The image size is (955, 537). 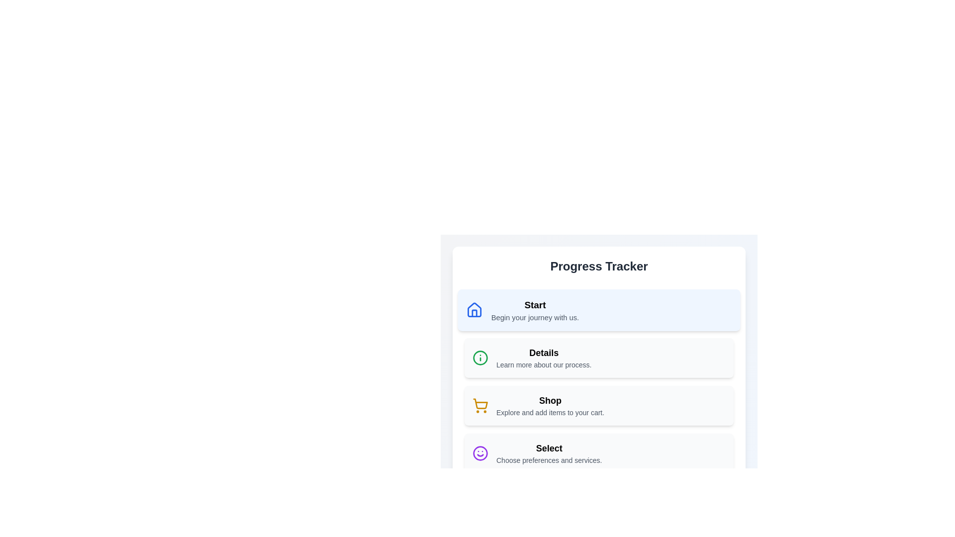 What do you see at coordinates (480, 358) in the screenshot?
I see `the circular graphical element that serves as a visual indicator for the 'Details' step, located in the vertical list of steps` at bounding box center [480, 358].